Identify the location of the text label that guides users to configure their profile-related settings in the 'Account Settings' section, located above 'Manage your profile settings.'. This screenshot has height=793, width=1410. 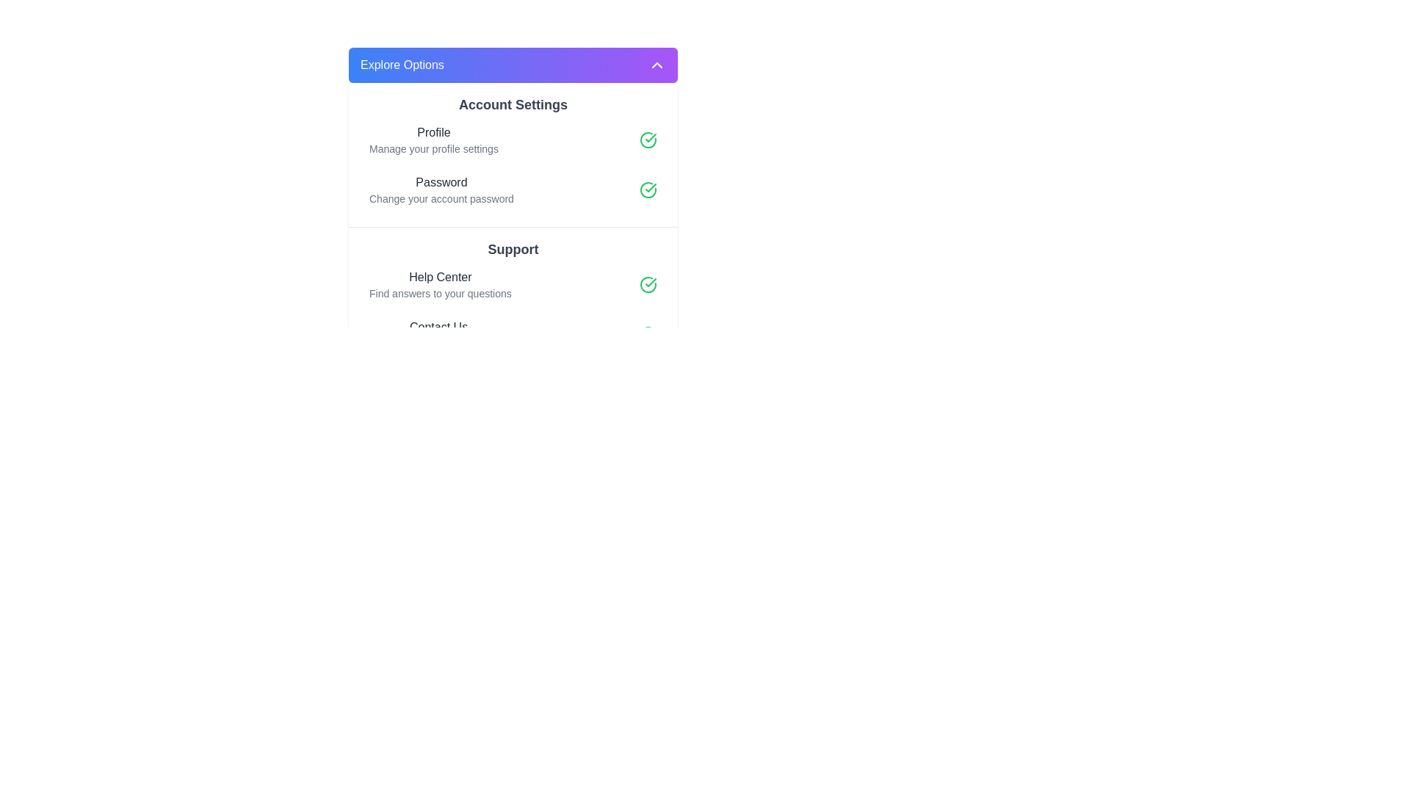
(433, 133).